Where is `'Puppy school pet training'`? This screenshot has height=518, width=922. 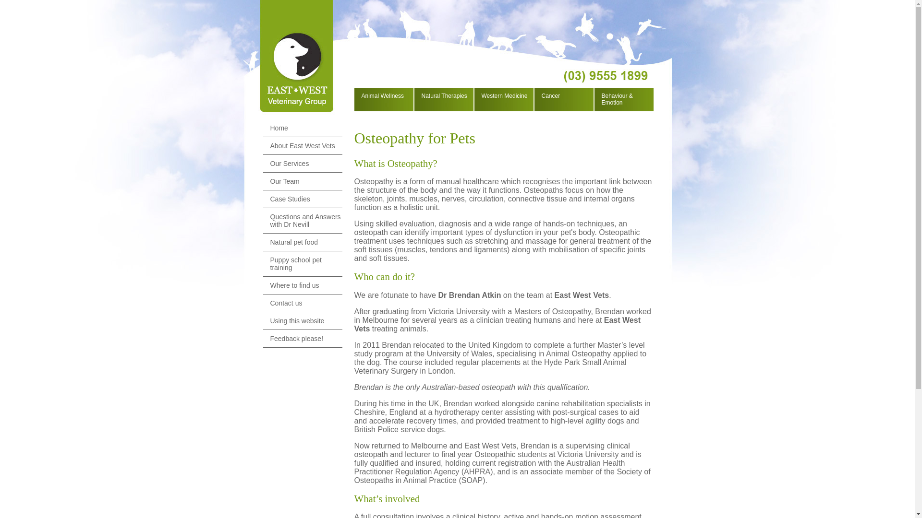
'Puppy school pet training' is located at coordinates (302, 264).